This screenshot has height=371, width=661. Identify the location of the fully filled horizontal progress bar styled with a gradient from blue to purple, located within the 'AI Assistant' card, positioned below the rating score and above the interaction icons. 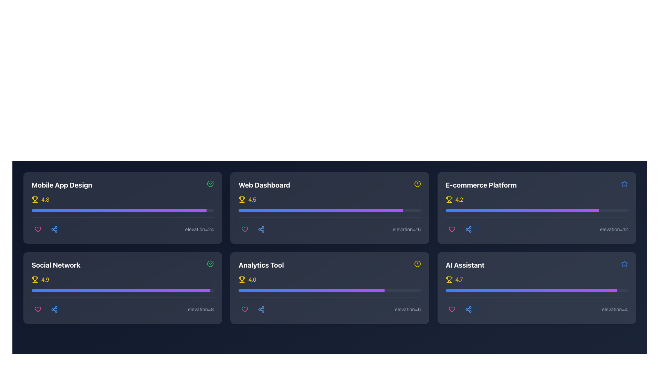
(531, 290).